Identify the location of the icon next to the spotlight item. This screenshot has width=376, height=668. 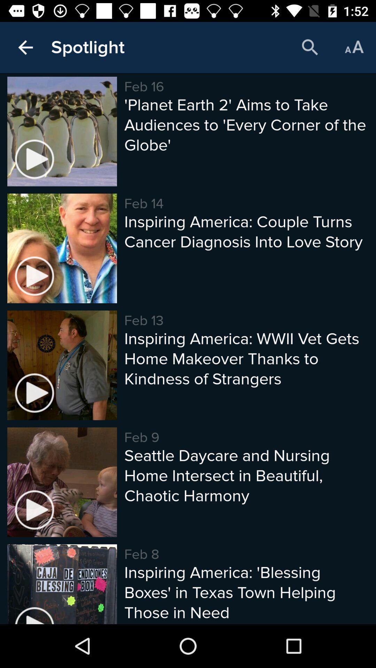
(25, 47).